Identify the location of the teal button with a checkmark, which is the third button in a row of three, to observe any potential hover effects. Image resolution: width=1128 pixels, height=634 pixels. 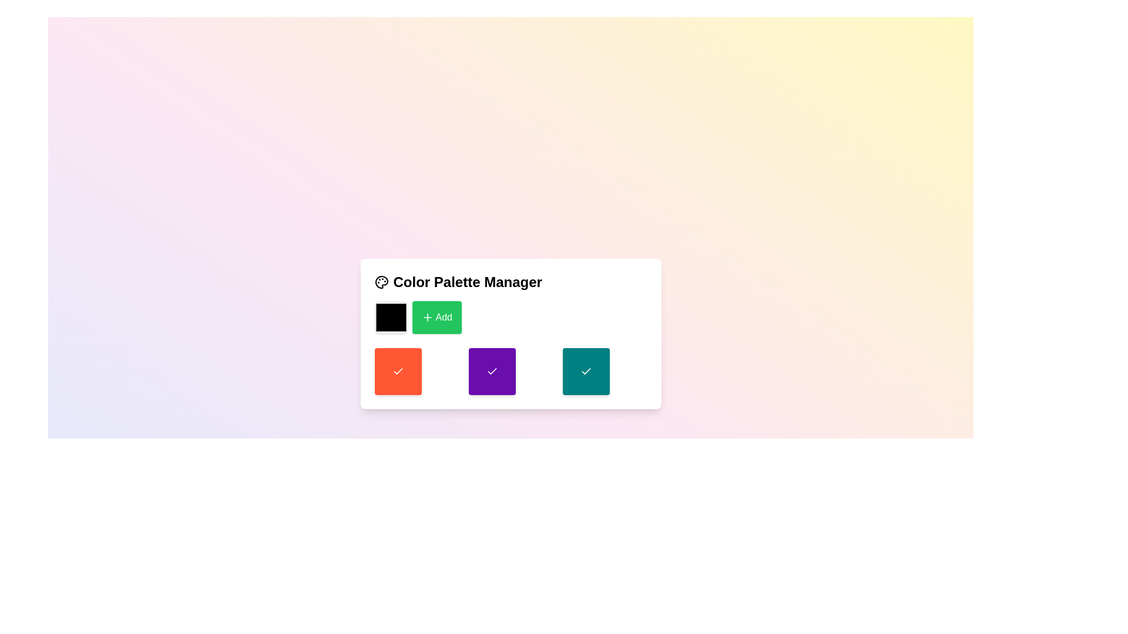
(586, 371).